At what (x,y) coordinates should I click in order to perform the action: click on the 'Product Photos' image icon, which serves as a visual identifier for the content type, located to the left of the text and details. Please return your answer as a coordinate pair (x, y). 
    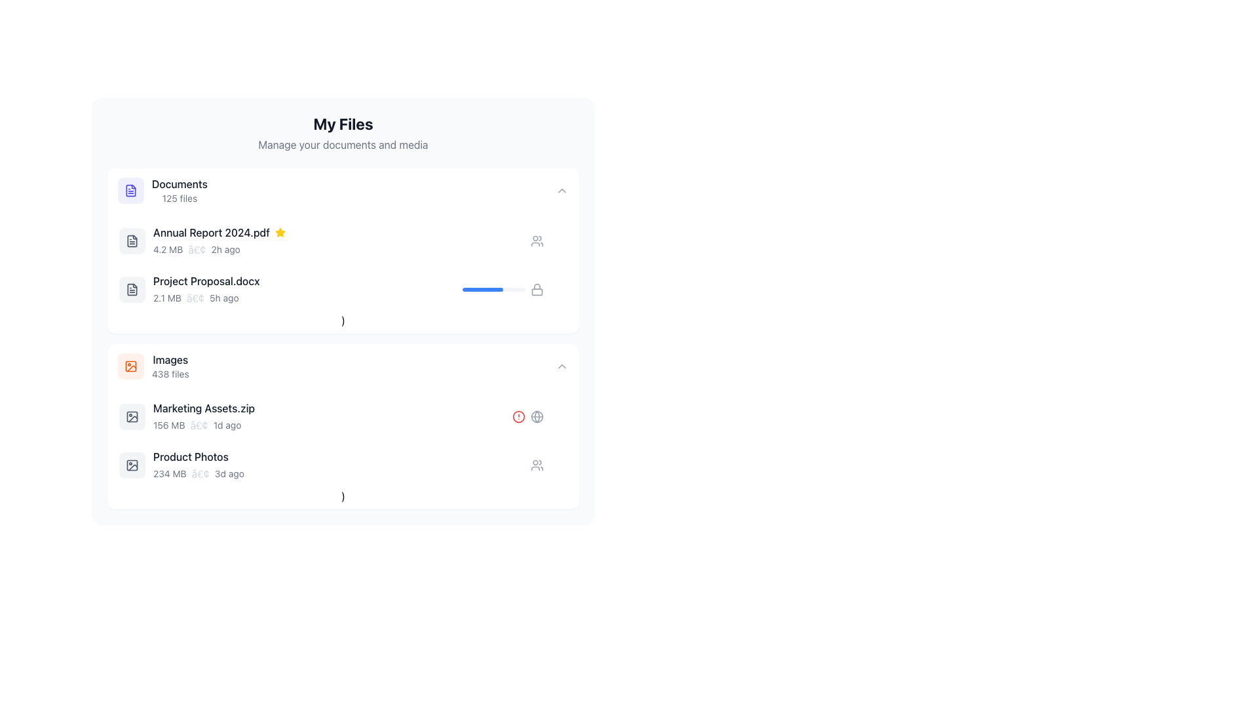
    Looking at the image, I should click on (132, 464).